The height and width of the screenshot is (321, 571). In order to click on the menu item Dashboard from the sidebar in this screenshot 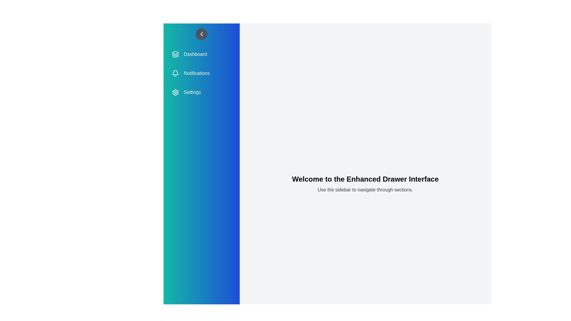, I will do `click(201, 54)`.